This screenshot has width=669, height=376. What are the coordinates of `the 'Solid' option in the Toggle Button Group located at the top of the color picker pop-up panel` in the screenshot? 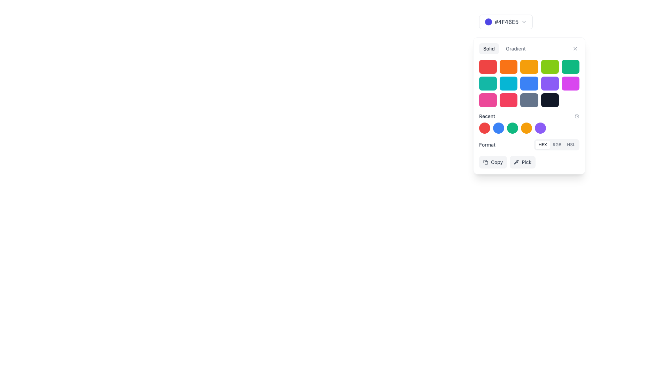 It's located at (504, 48).